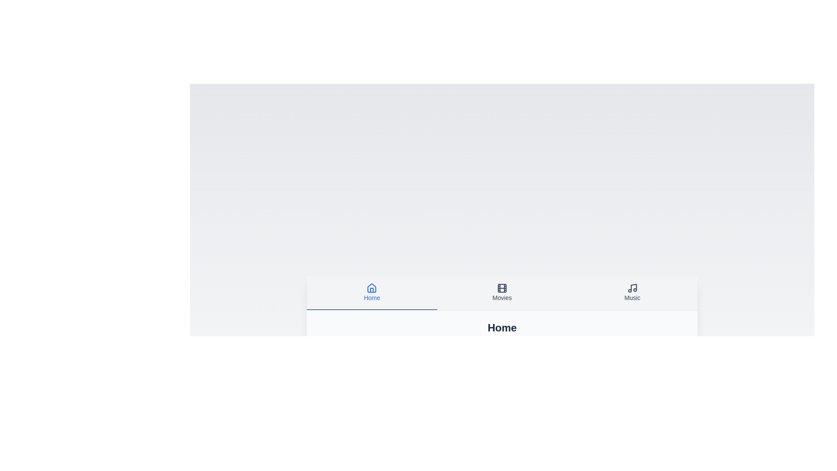 This screenshot has width=837, height=471. What do you see at coordinates (372, 293) in the screenshot?
I see `the Home tab to activate it` at bounding box center [372, 293].